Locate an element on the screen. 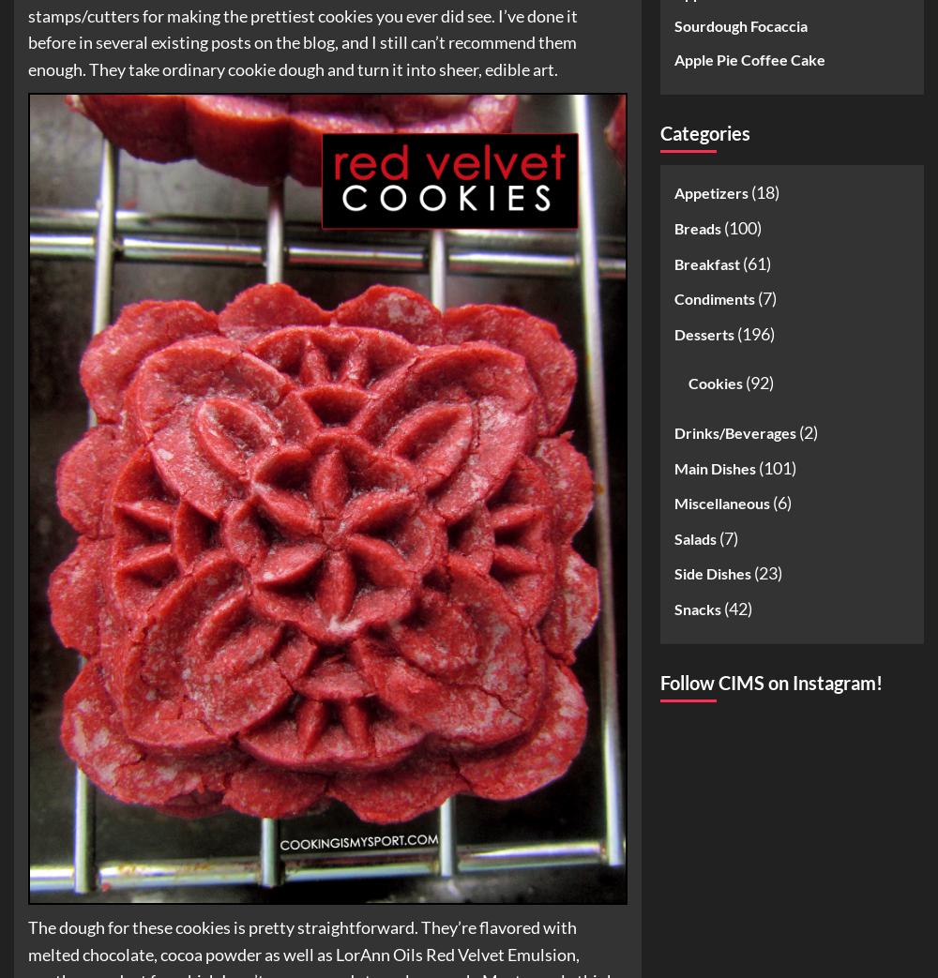 This screenshot has width=938, height=978. 'Categories' is located at coordinates (705, 132).